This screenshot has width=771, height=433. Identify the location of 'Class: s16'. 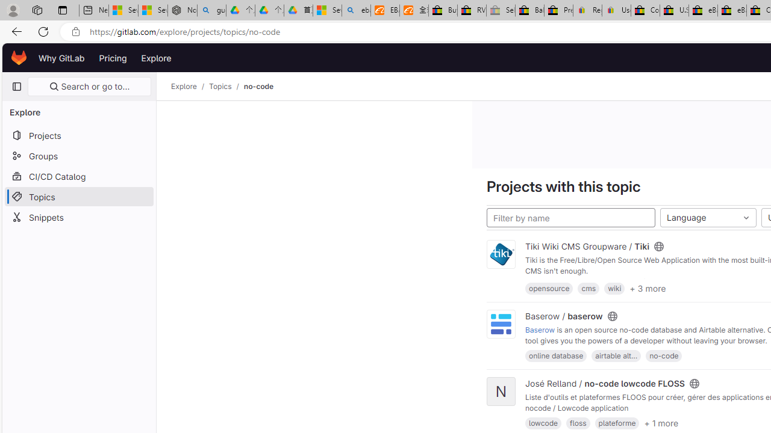
(694, 384).